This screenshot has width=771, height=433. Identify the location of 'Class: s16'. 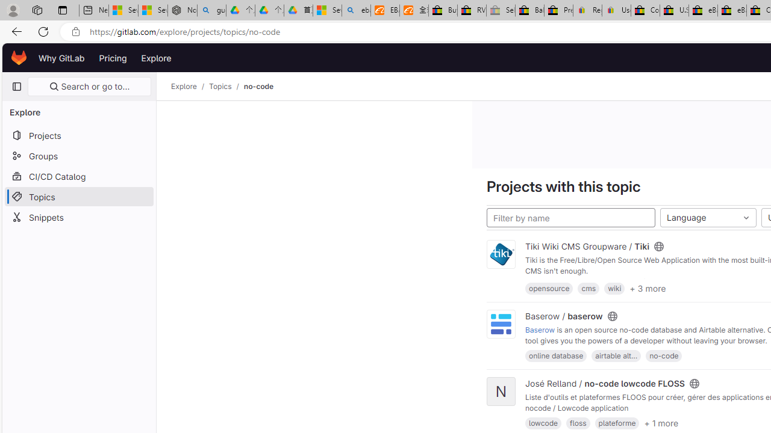
(694, 384).